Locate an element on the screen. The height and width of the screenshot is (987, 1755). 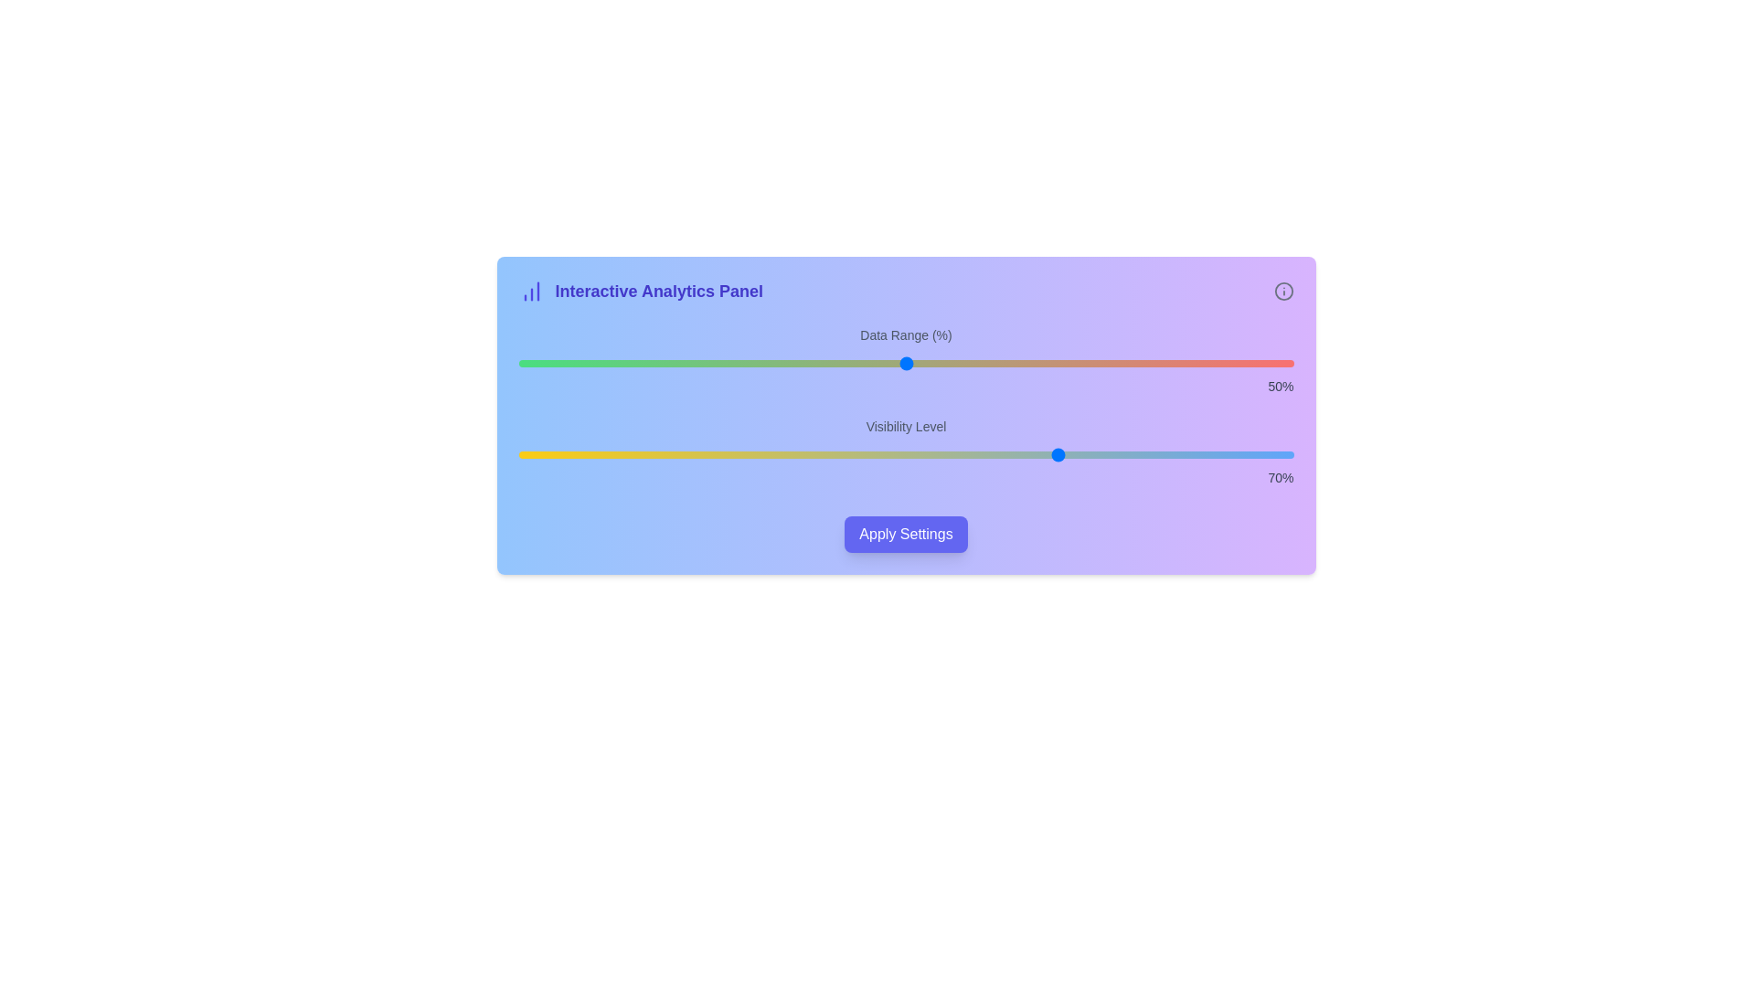
the information icon to display additional details is located at coordinates (1282, 291).